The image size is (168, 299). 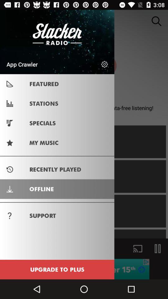 I want to click on the pause icon, so click(x=158, y=249).